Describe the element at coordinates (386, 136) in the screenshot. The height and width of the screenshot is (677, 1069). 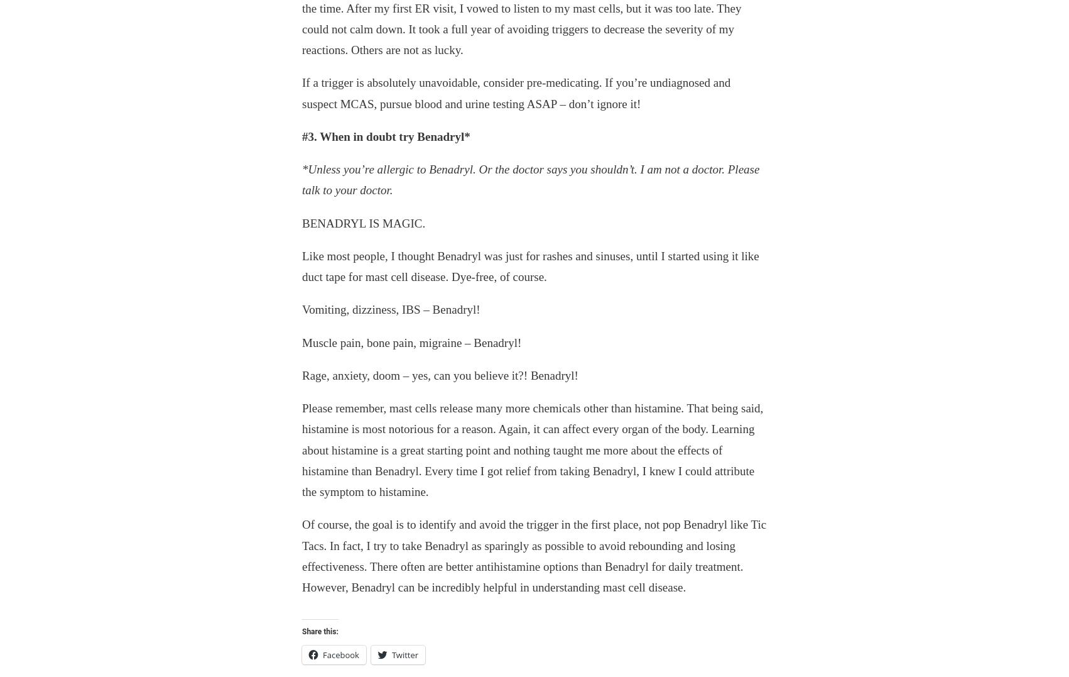
I see `'#3. When in doubt try Benadryl*'` at that location.